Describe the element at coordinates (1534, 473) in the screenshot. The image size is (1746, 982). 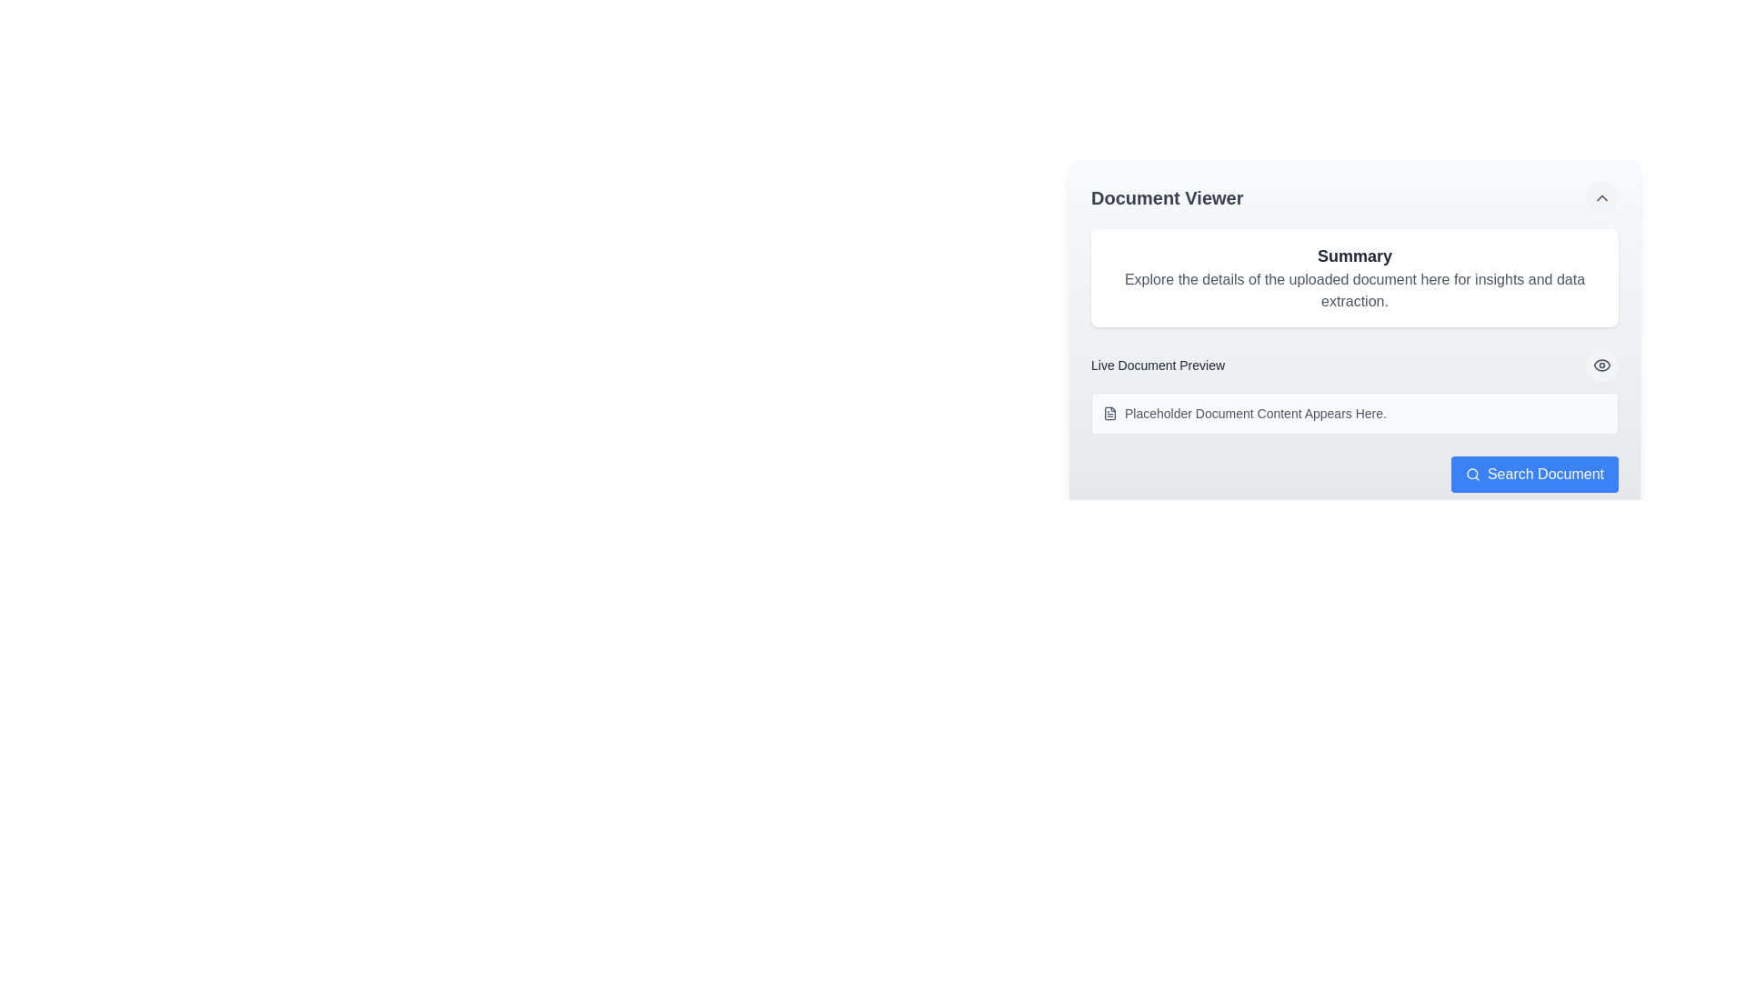
I see `the search button located at the bottom-right corner of the 'Document Viewer' interface` at that location.